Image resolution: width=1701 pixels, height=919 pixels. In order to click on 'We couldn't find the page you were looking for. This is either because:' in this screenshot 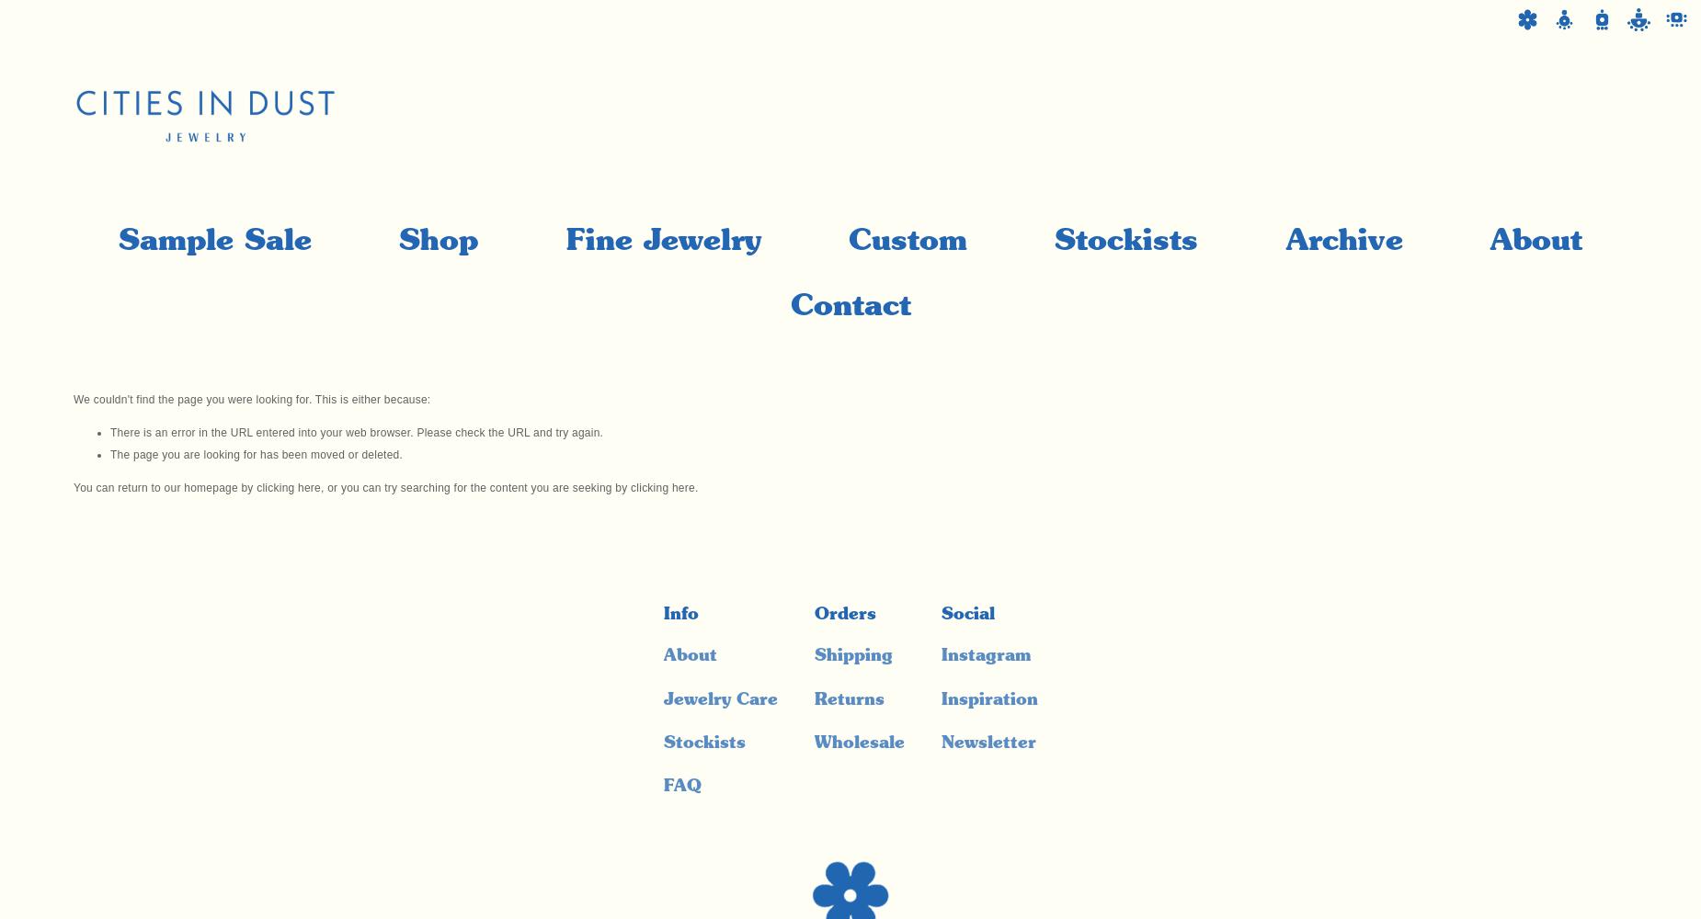, I will do `click(250, 400)`.